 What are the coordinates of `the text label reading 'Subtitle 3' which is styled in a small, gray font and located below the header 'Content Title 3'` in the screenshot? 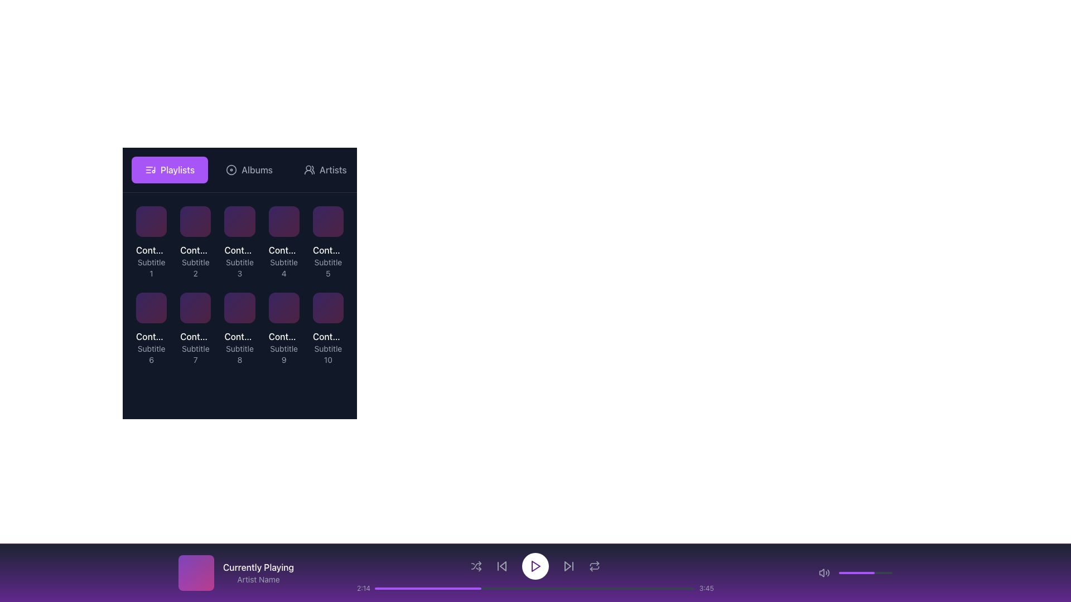 It's located at (239, 268).